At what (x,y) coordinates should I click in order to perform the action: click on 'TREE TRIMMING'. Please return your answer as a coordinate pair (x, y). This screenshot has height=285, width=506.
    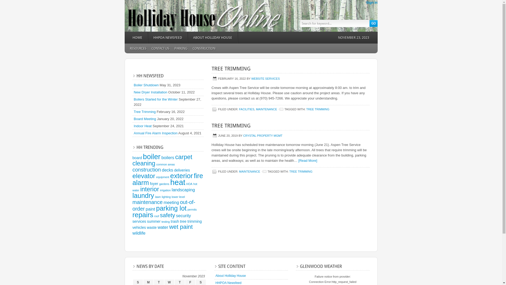
    Looking at the image, I should click on (289, 172).